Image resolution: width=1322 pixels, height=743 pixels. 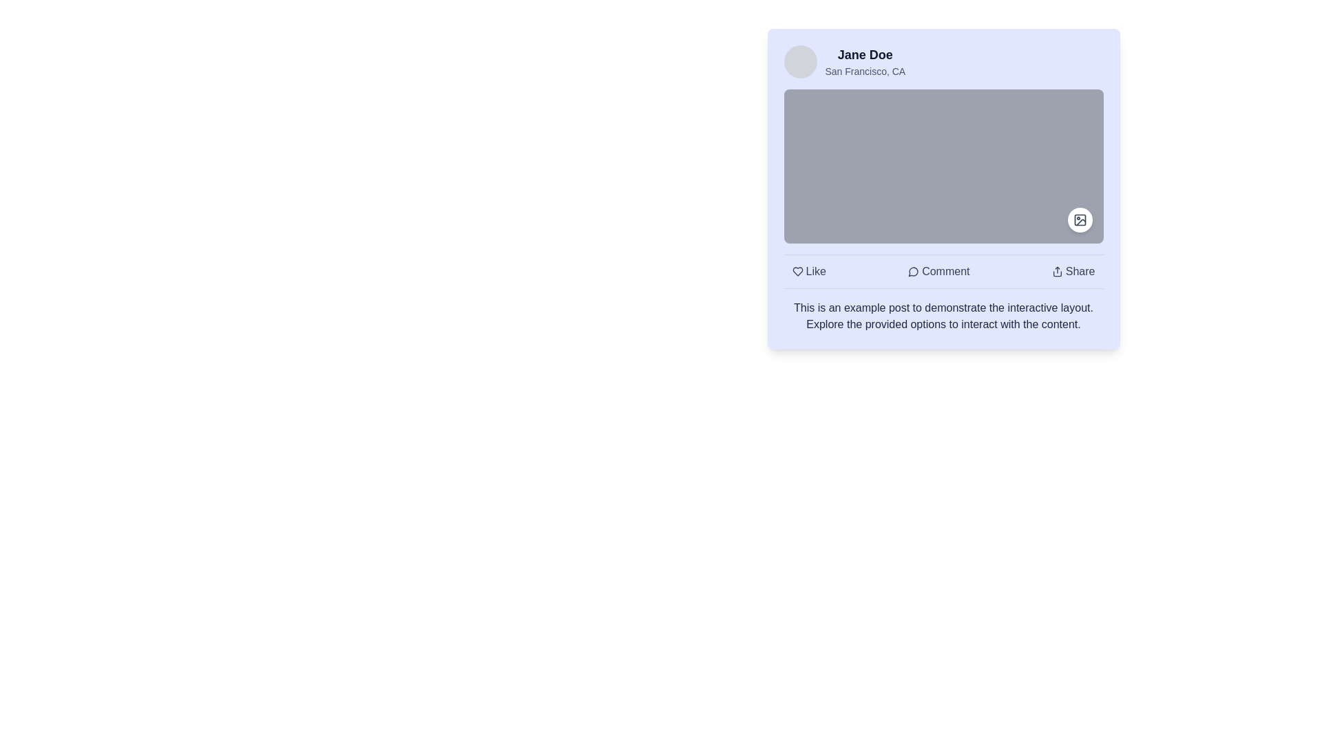 What do you see at coordinates (800, 61) in the screenshot?
I see `the Circular Profile Placeholder, which is a round gray element located to the left of 'Jane Doe' and 'San Francisco, CA'` at bounding box center [800, 61].